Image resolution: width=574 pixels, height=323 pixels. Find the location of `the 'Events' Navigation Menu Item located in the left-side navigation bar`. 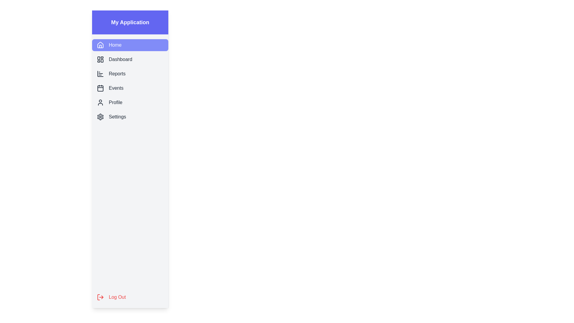

the 'Events' Navigation Menu Item located in the left-side navigation bar is located at coordinates (130, 88).